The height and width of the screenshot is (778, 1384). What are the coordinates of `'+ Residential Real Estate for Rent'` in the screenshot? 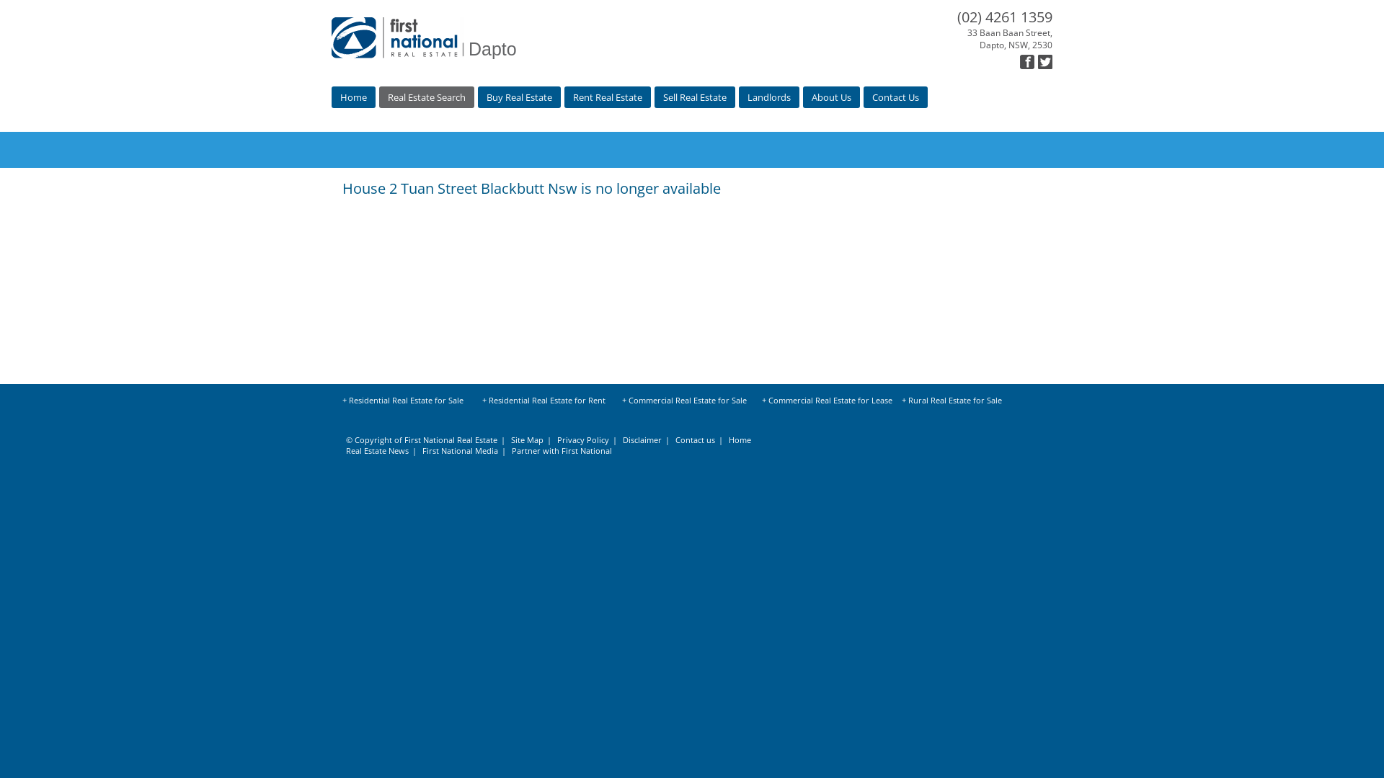 It's located at (548, 402).